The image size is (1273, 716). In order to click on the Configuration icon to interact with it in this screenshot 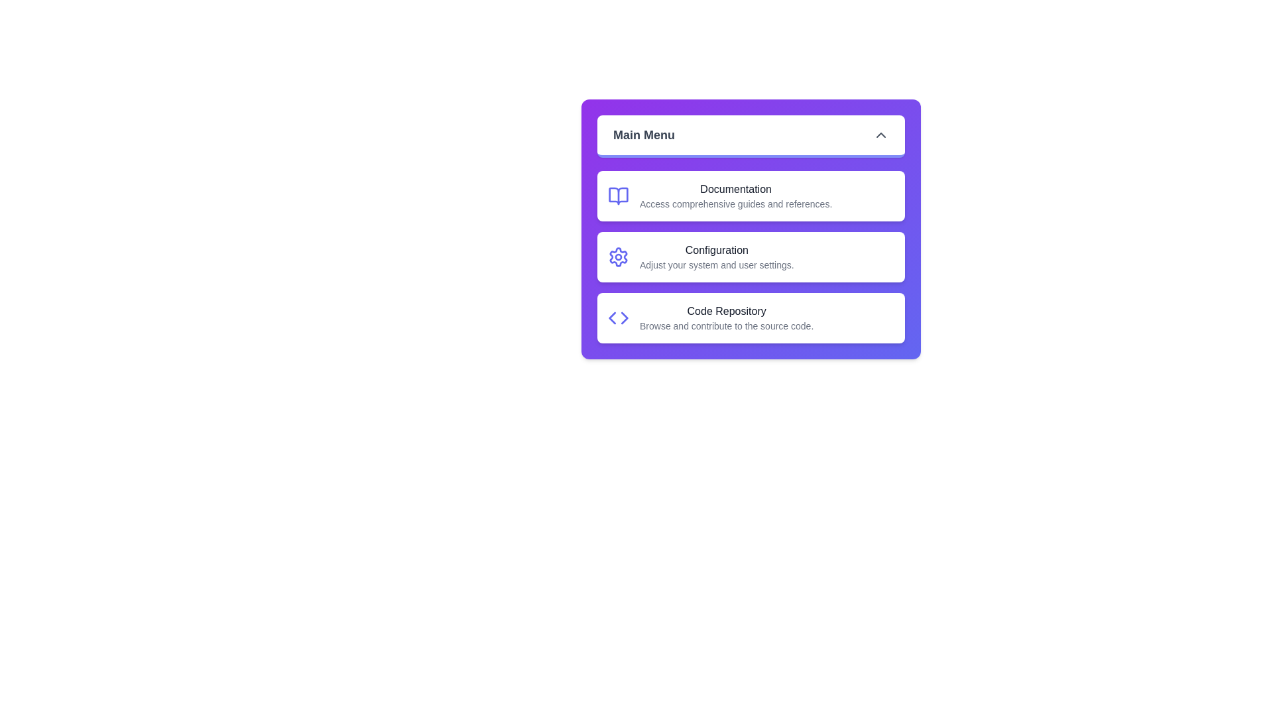, I will do `click(617, 257)`.